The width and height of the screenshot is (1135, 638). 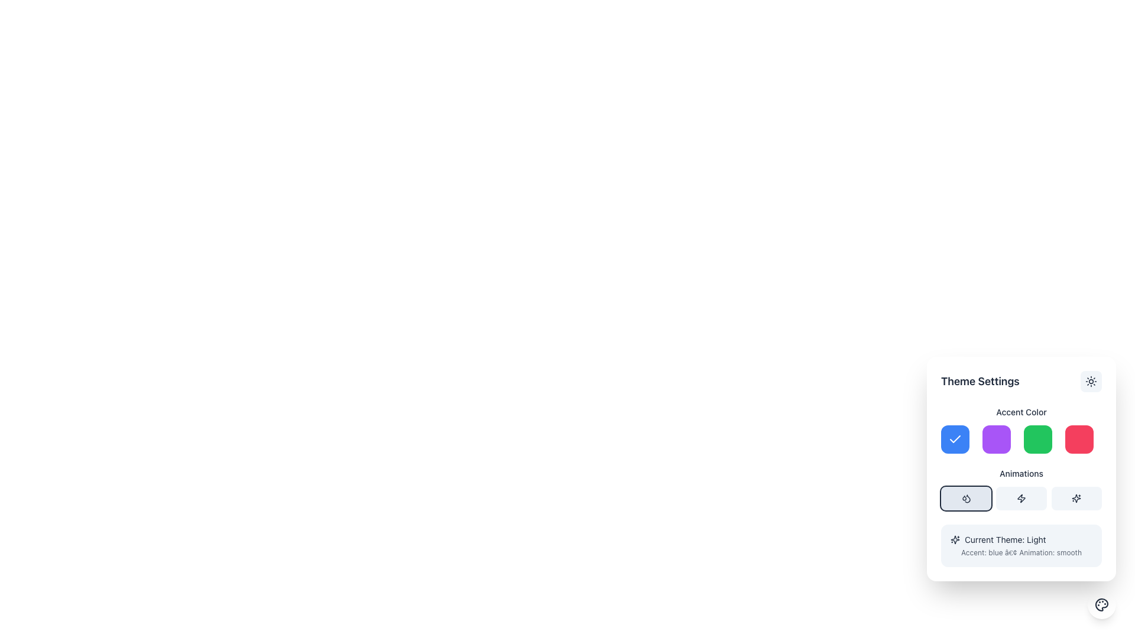 What do you see at coordinates (1021, 553) in the screenshot?
I see `the static text label displaying 'Accent: blue • Animation: smooth', which is located below the title 'Current Theme: Light' in the right-side settings panel` at bounding box center [1021, 553].